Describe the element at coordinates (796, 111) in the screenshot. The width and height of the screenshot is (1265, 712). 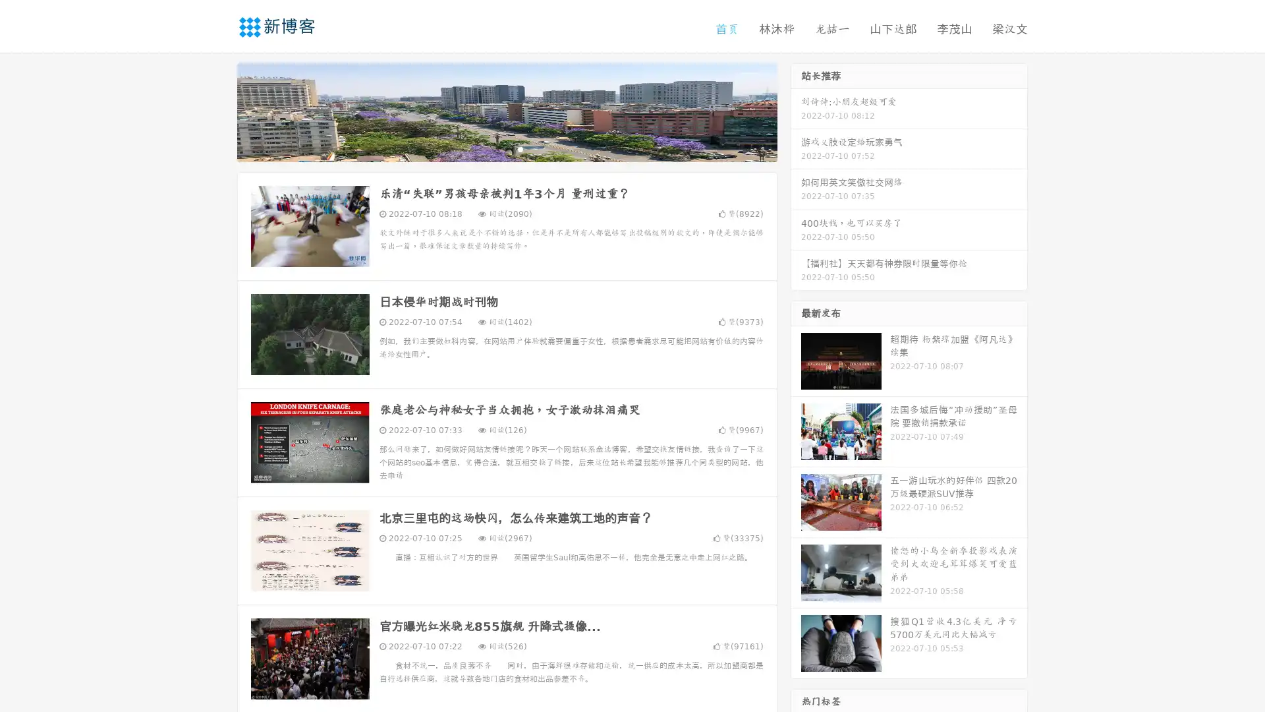
I see `Next slide` at that location.